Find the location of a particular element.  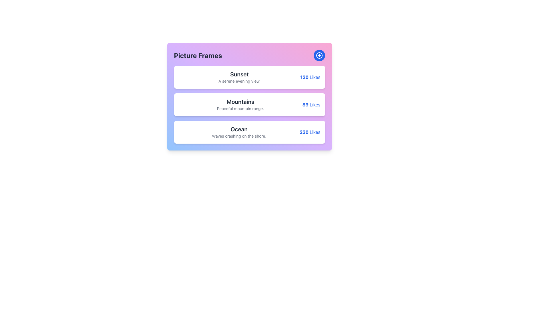

numerical value '230' displayed in bold blue font, part of the 'Picture Frames' component, located to the right of 'Ocean' and adjacent to 'Likes' is located at coordinates (304, 132).